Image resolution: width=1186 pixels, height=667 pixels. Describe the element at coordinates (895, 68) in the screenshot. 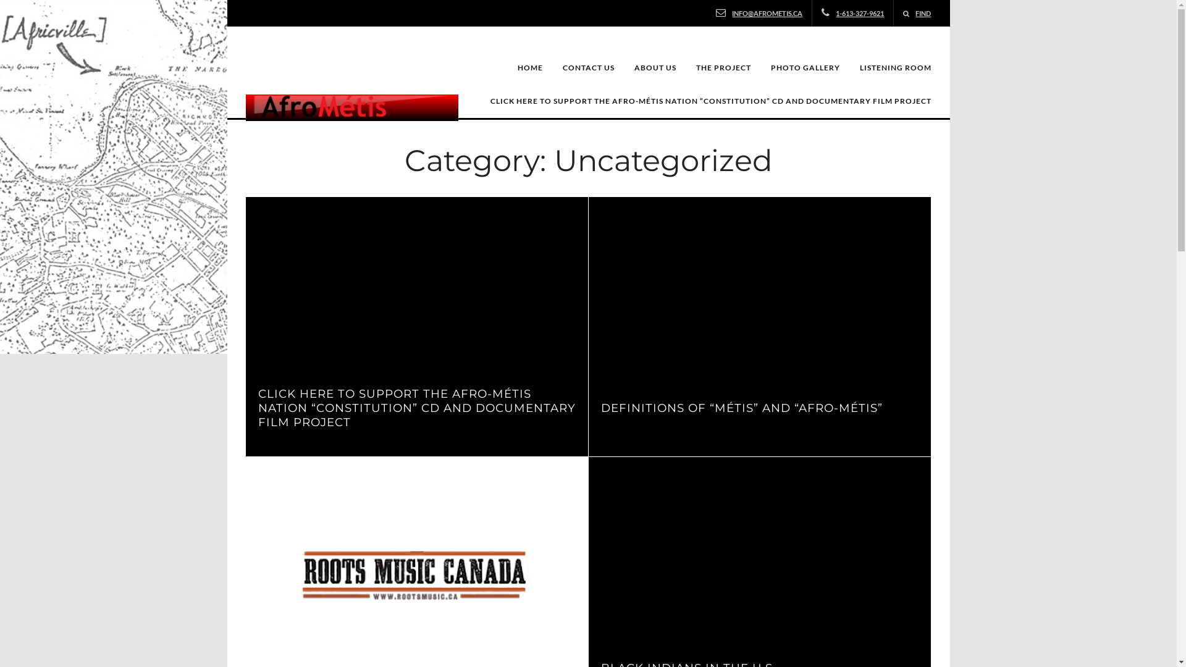

I see `'LISTENING ROOM'` at that location.